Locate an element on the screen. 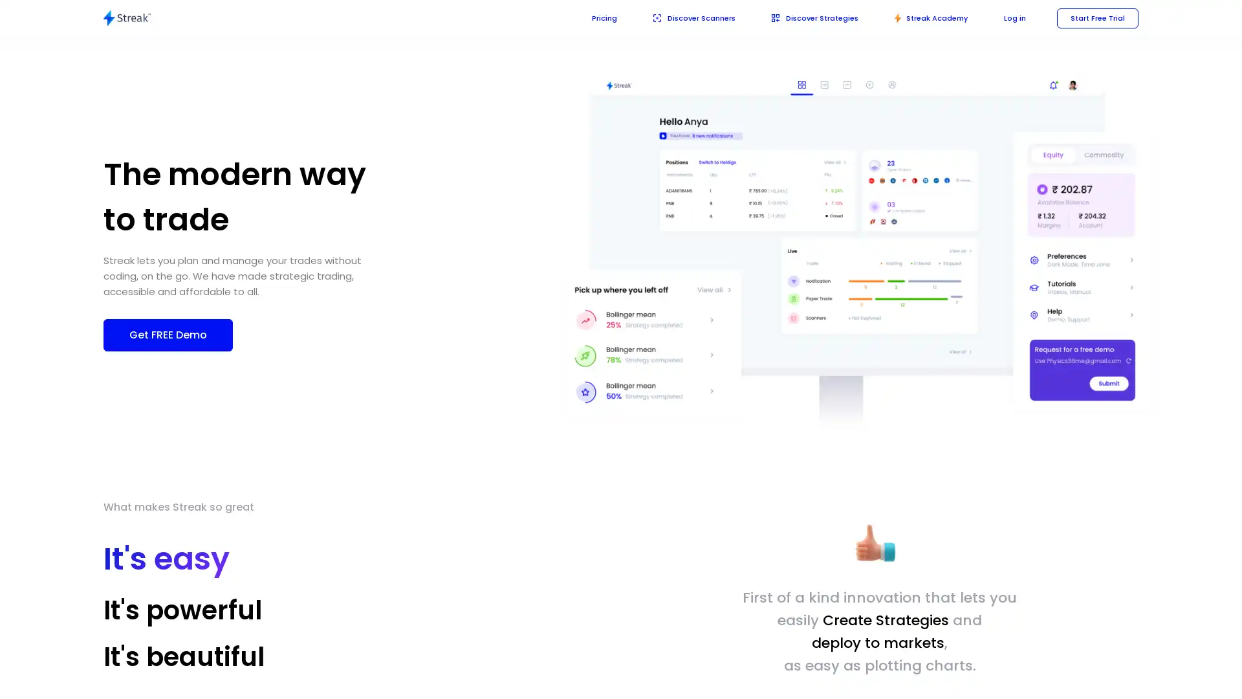 The width and height of the screenshot is (1242, 699). Get FREE Demo is located at coordinates (167, 333).